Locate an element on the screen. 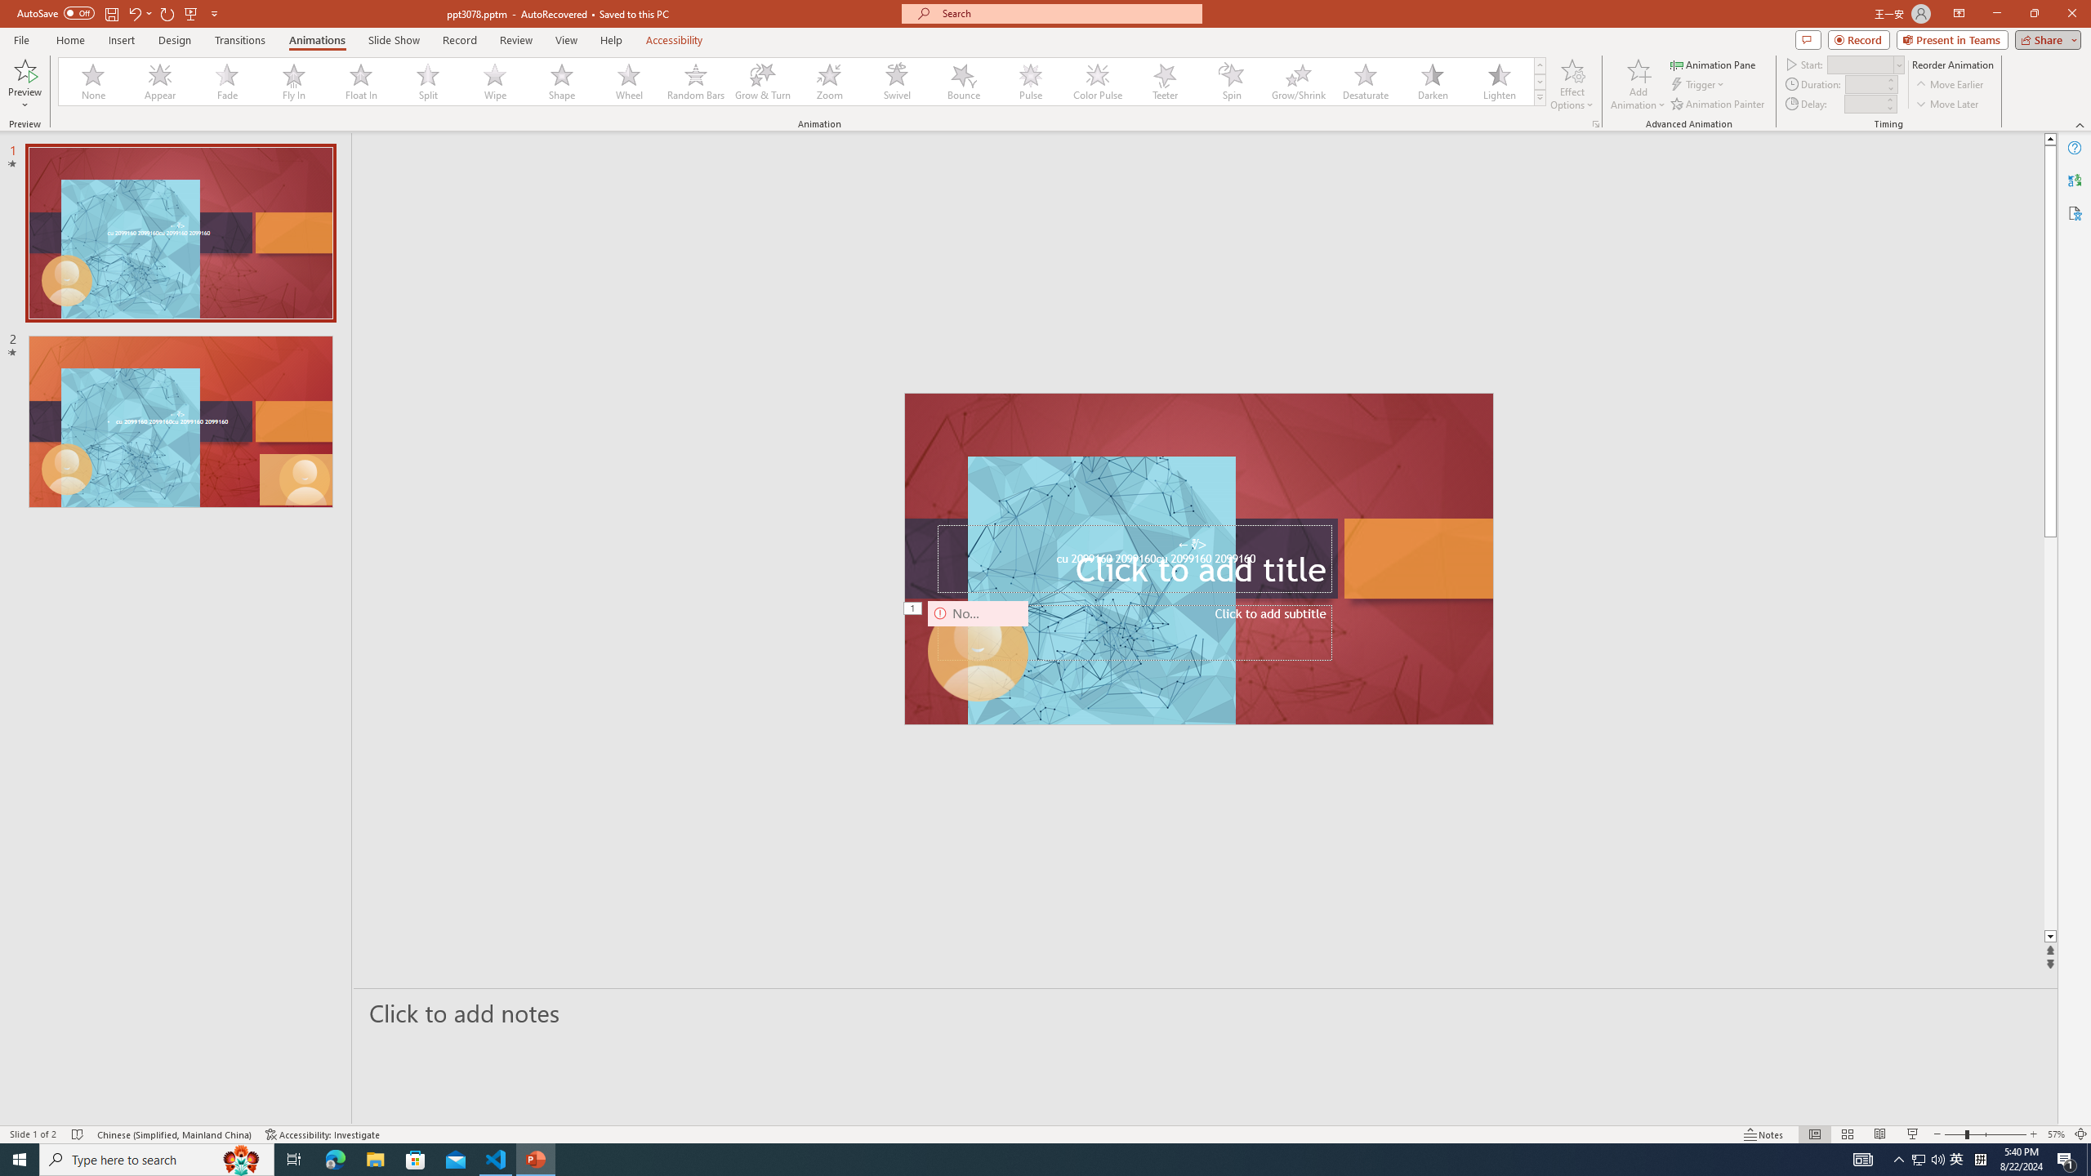 The image size is (2091, 1176). 'Title TextBox' is located at coordinates (1133, 558).